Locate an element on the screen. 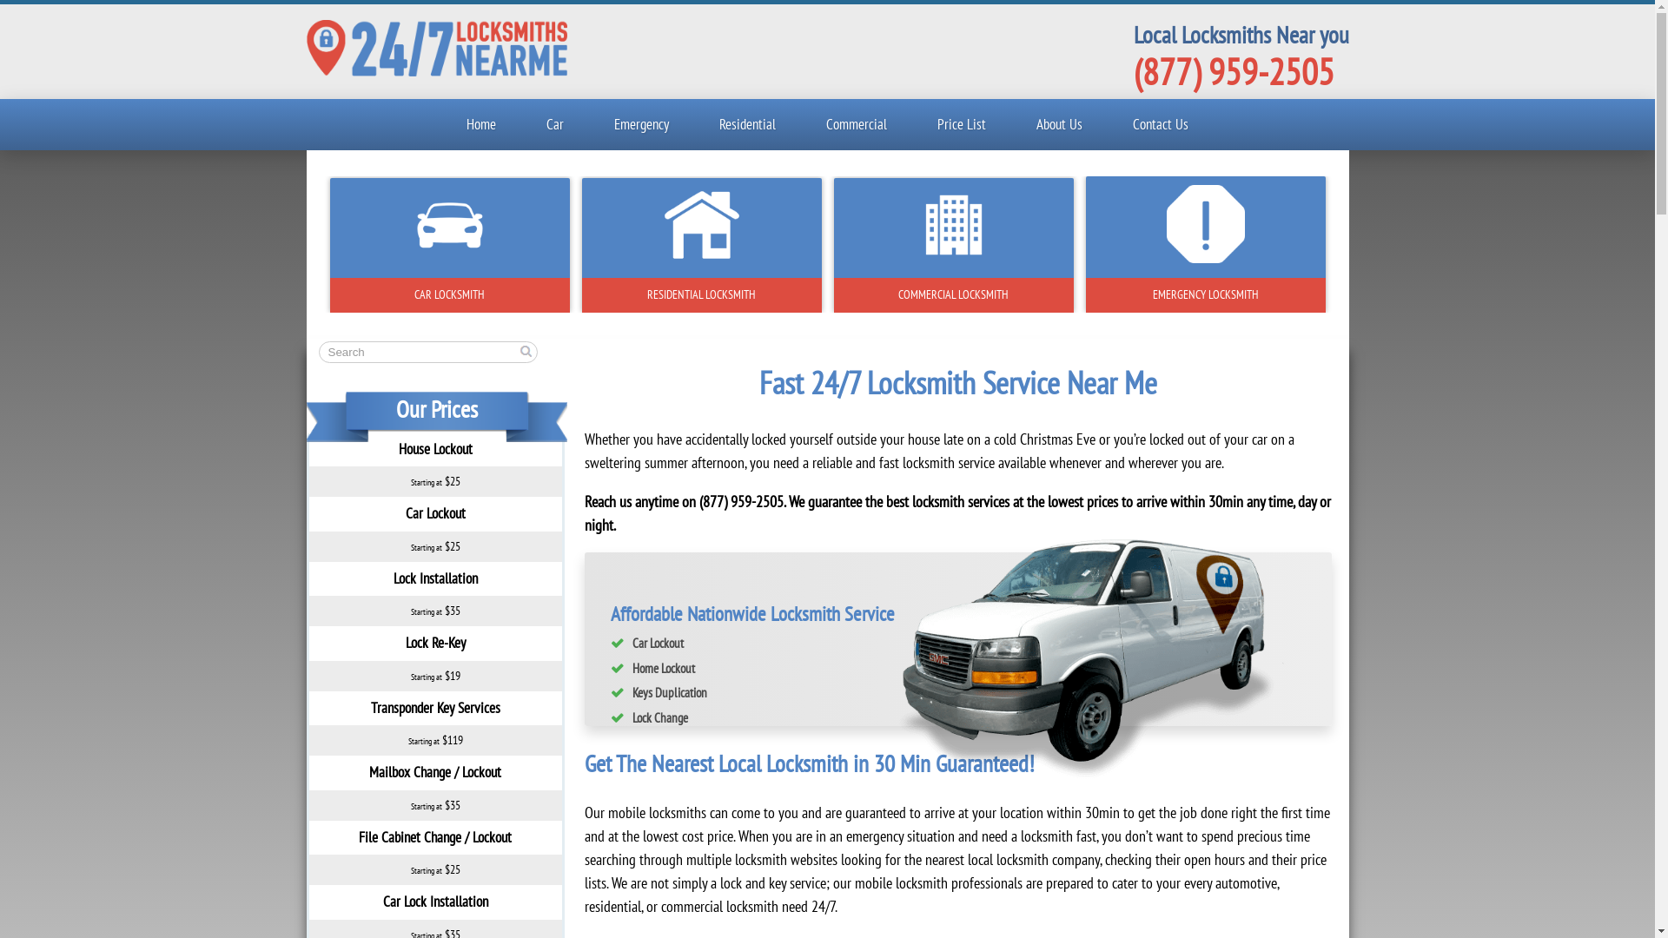 The image size is (1668, 938). '(877) 959-2505' is located at coordinates (1232, 69).